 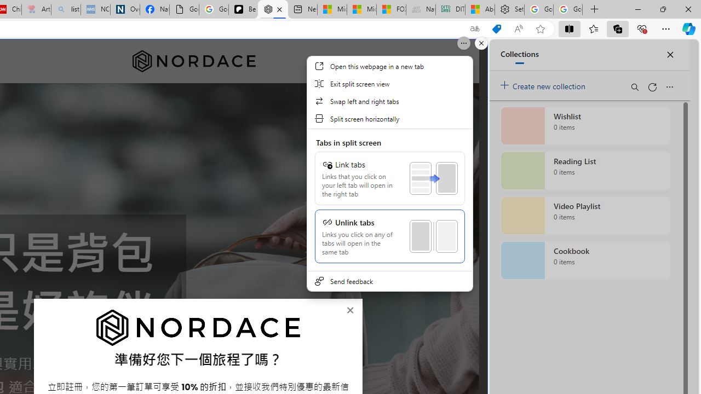 What do you see at coordinates (389, 178) in the screenshot?
I see `'Link tabs'` at bounding box center [389, 178].